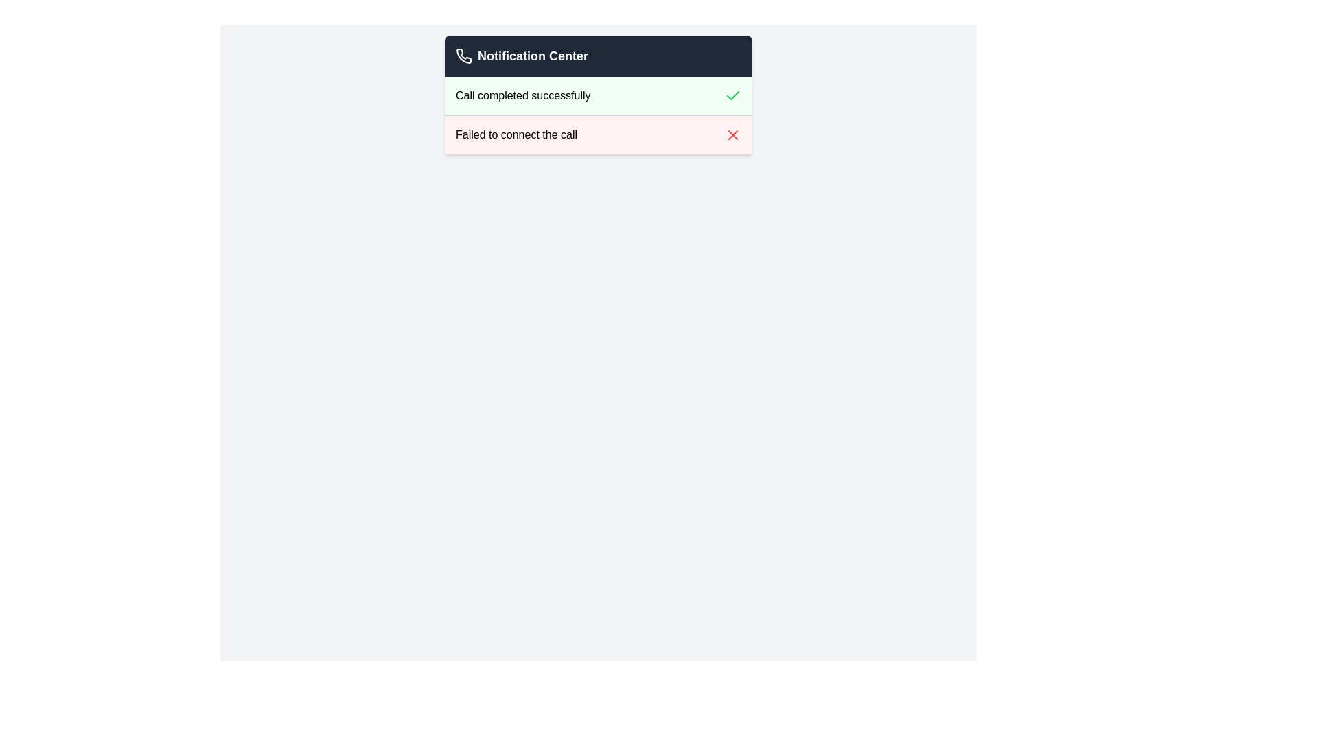 This screenshot has width=1318, height=741. Describe the element at coordinates (732, 95) in the screenshot. I see `the success icon in the notification bar indicating 'Call completed successfully'` at that location.